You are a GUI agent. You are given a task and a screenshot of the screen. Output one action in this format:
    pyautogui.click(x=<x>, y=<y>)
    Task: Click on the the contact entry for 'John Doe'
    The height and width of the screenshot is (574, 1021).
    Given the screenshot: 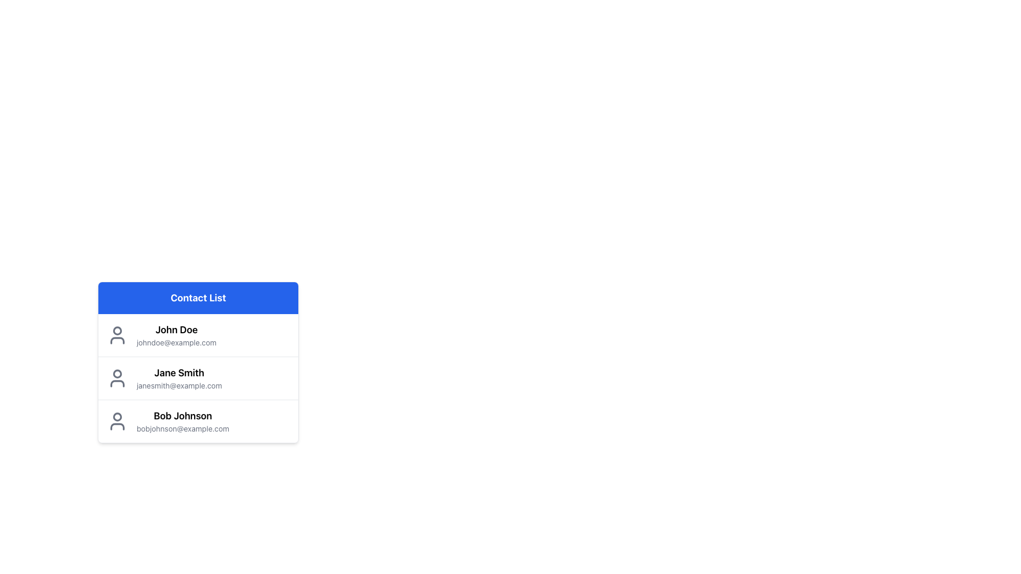 What is the action you would take?
    pyautogui.click(x=198, y=335)
    